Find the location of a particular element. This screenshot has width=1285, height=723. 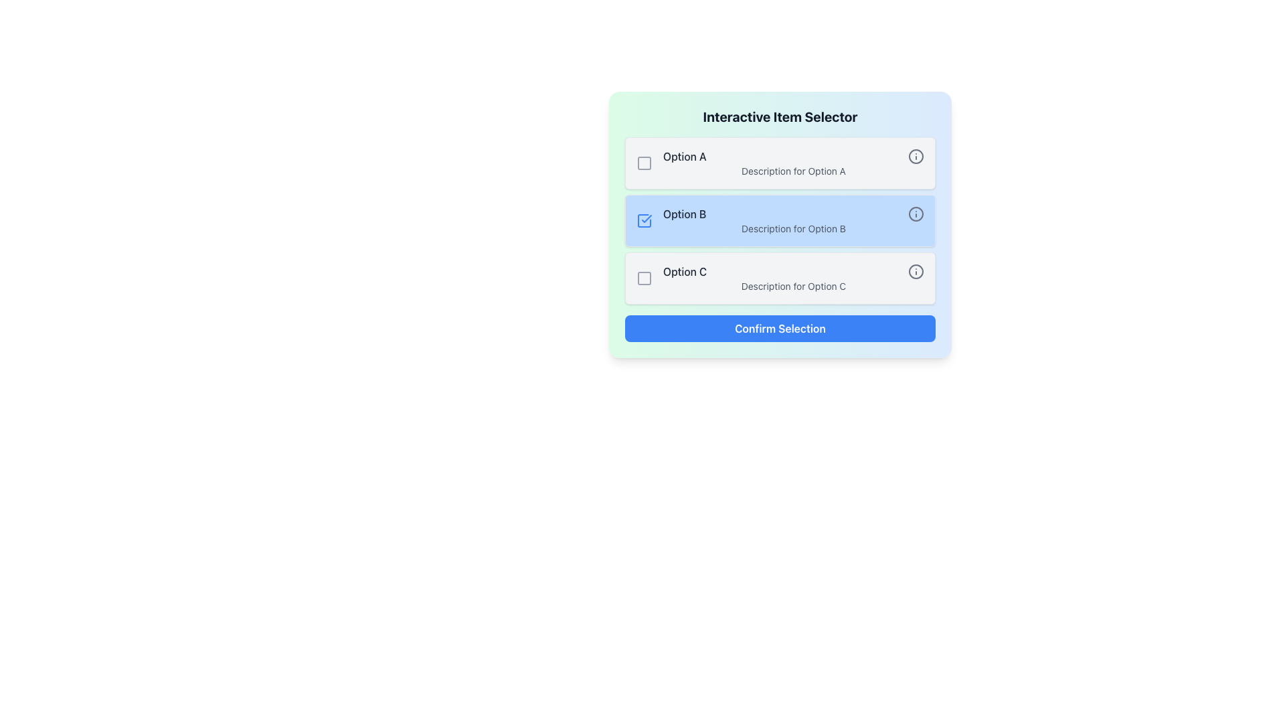

text displayed in the label for 'Option B', which is located in the second section of the options list, adjacent to a checkbox and an information icon is located at coordinates (685, 214).